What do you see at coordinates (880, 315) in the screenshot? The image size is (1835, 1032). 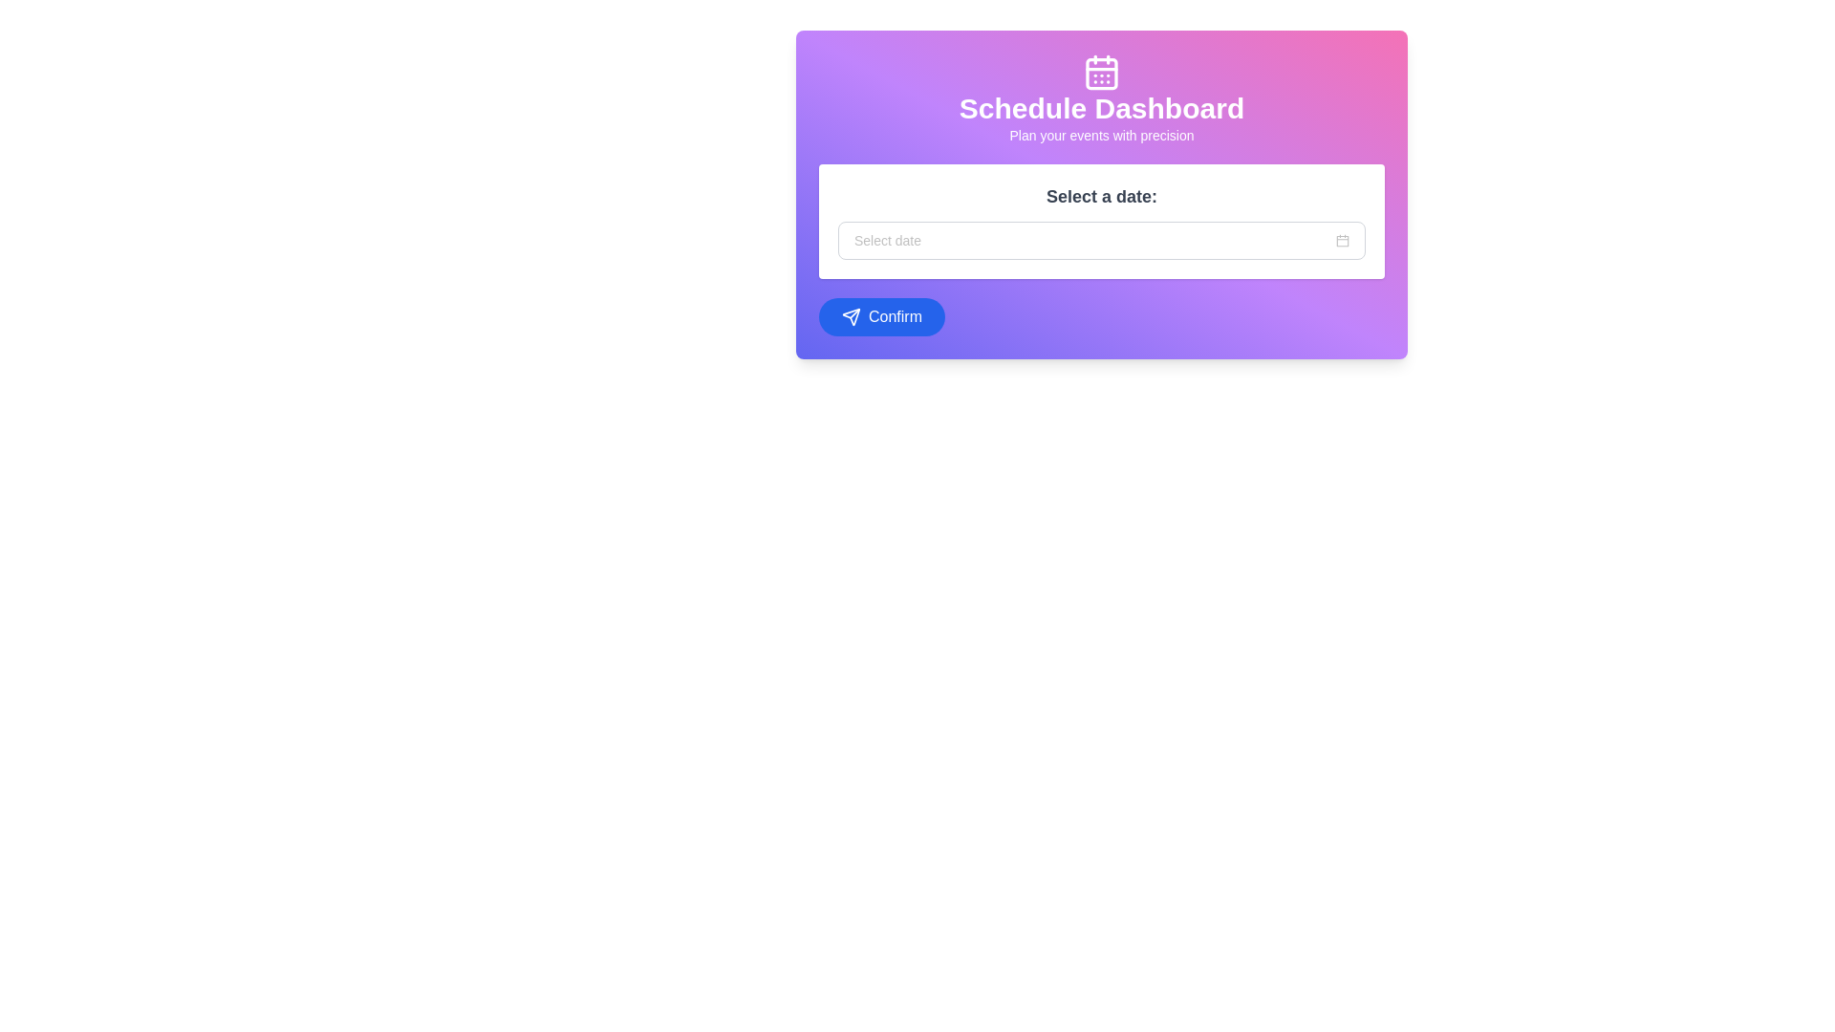 I see `the 'Confirm' button with a blue background and a paper plane icon, located at the bottom left of the purple rectangle section` at bounding box center [880, 315].